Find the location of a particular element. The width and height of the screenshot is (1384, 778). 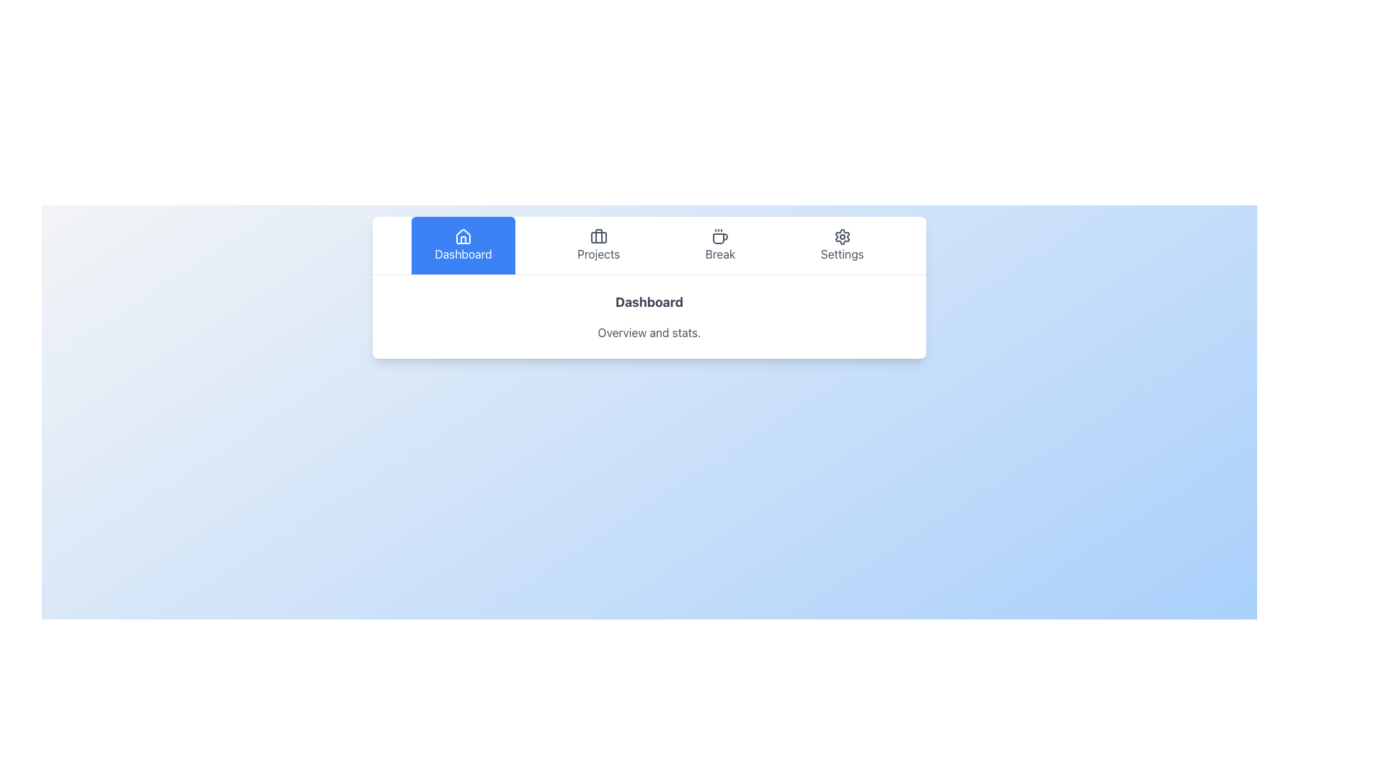

the 'Settings' text label located at the center of the rightmost item in the horizontal navigation bar, which enhances accessibility for the associated gear-shaped icon is located at coordinates (842, 254).